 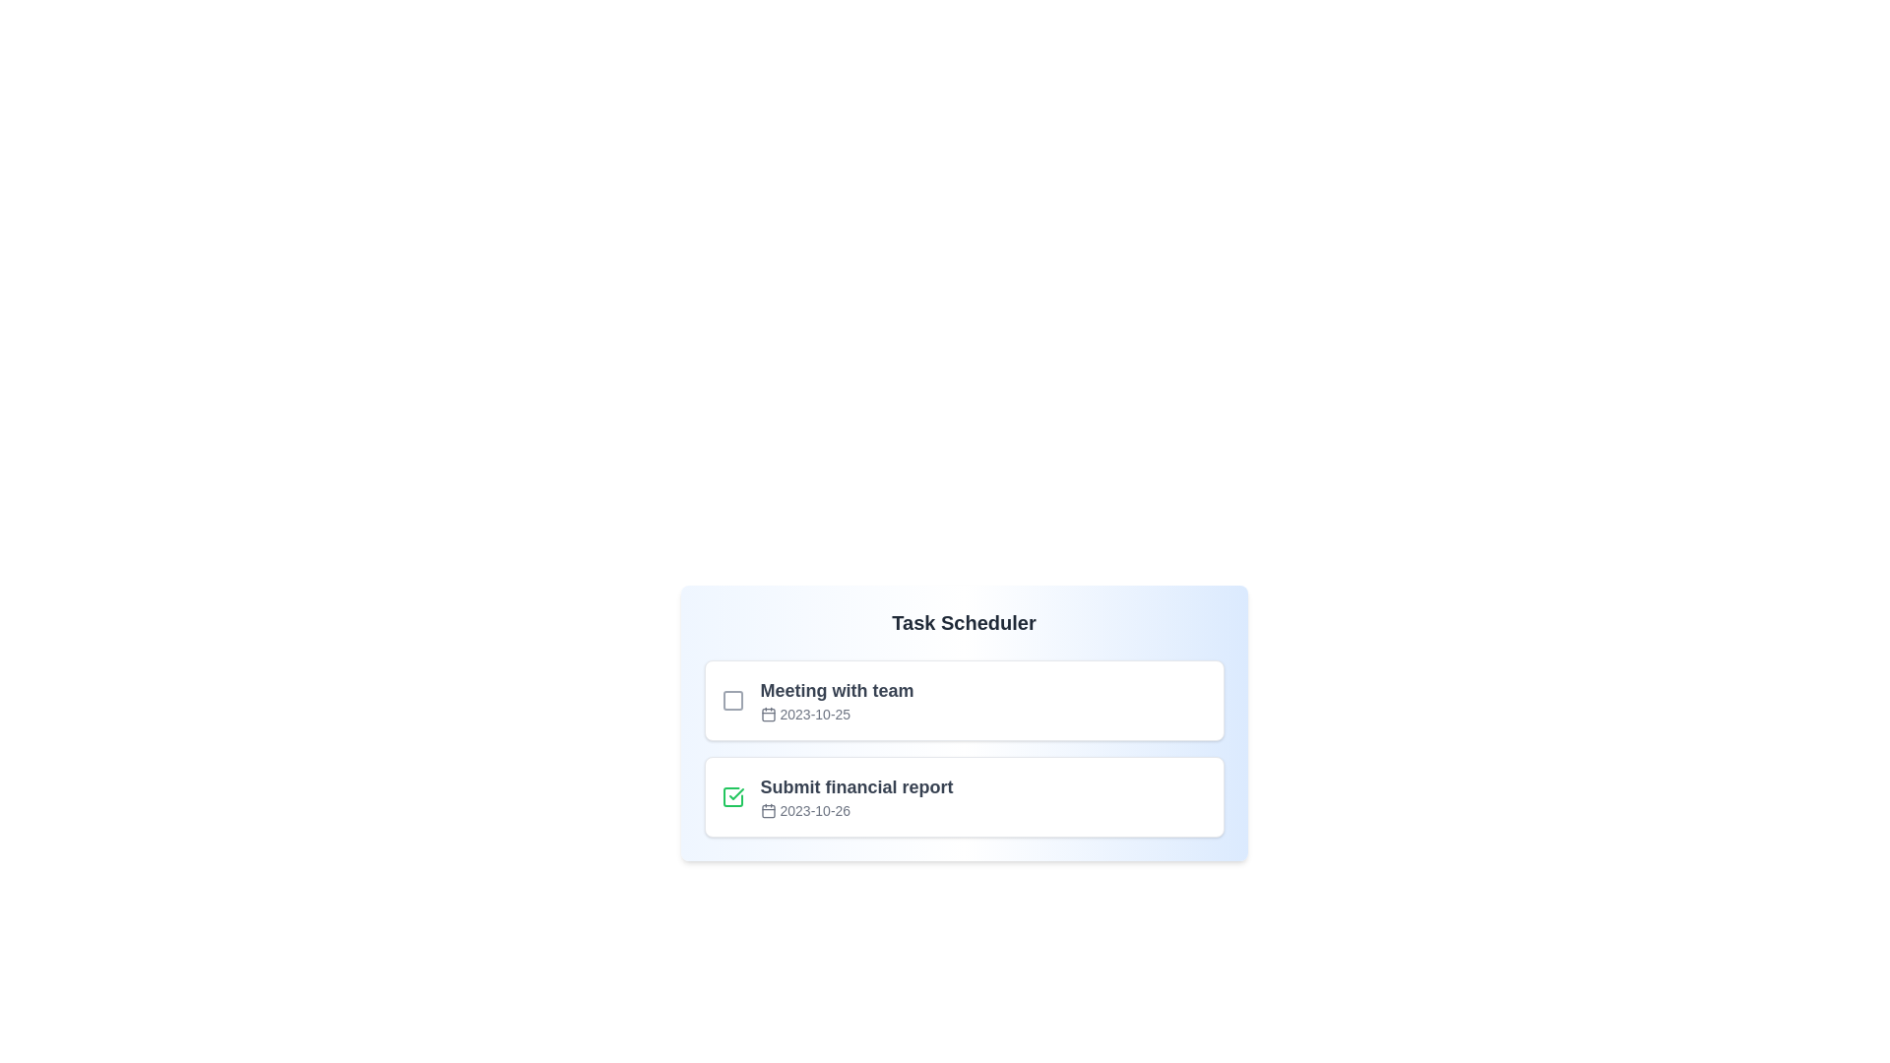 What do you see at coordinates (735, 792) in the screenshot?
I see `the green checkmark icon indicating task completion for 'Submit financial report' under 'Task Scheduler'` at bounding box center [735, 792].